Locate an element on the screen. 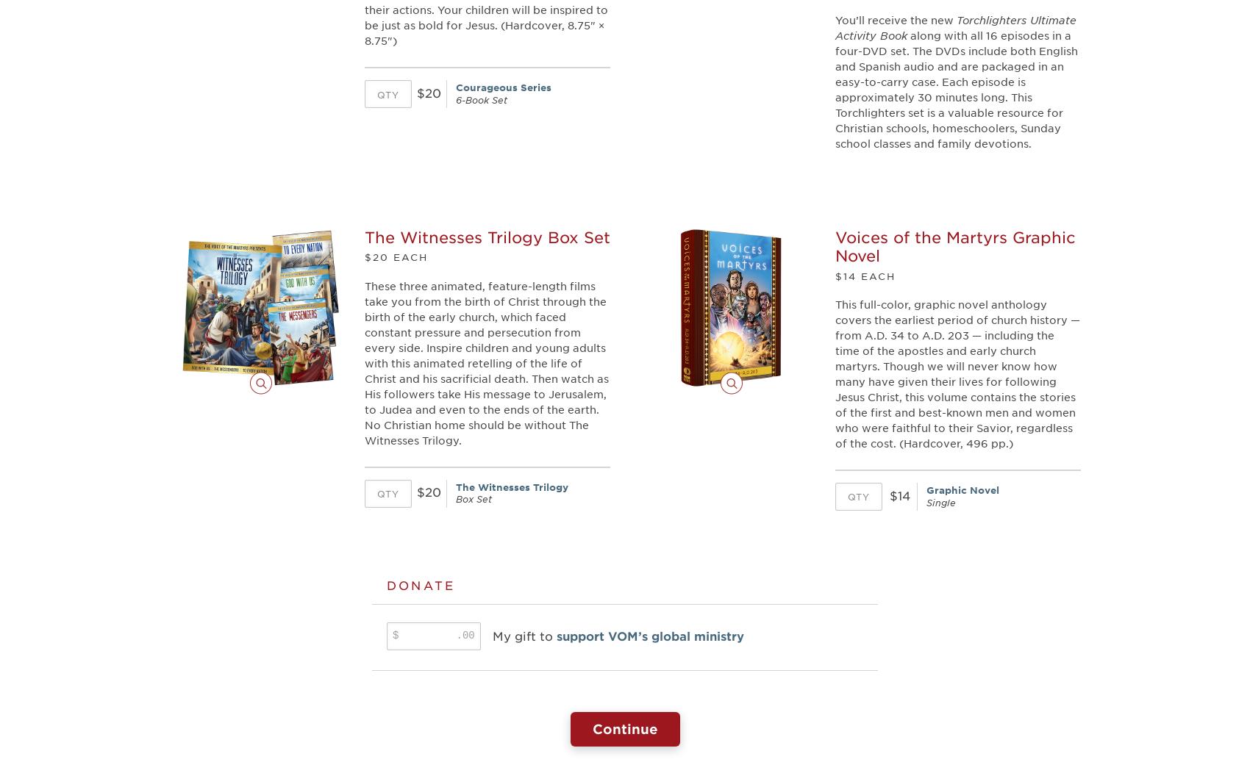  '6-Book Set' is located at coordinates (482, 98).